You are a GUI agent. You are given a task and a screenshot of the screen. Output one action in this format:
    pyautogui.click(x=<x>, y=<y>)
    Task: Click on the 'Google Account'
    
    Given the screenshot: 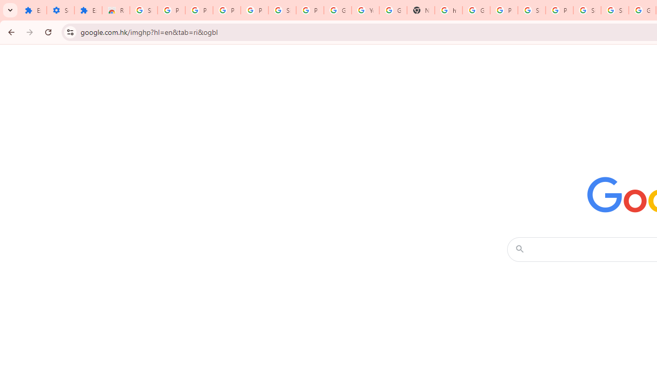 What is the action you would take?
    pyautogui.click(x=337, y=10)
    